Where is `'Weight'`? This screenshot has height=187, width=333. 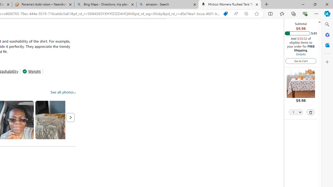 'Weight' is located at coordinates (31, 71).